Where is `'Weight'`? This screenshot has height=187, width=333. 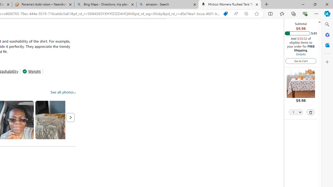 'Weight' is located at coordinates (31, 71).